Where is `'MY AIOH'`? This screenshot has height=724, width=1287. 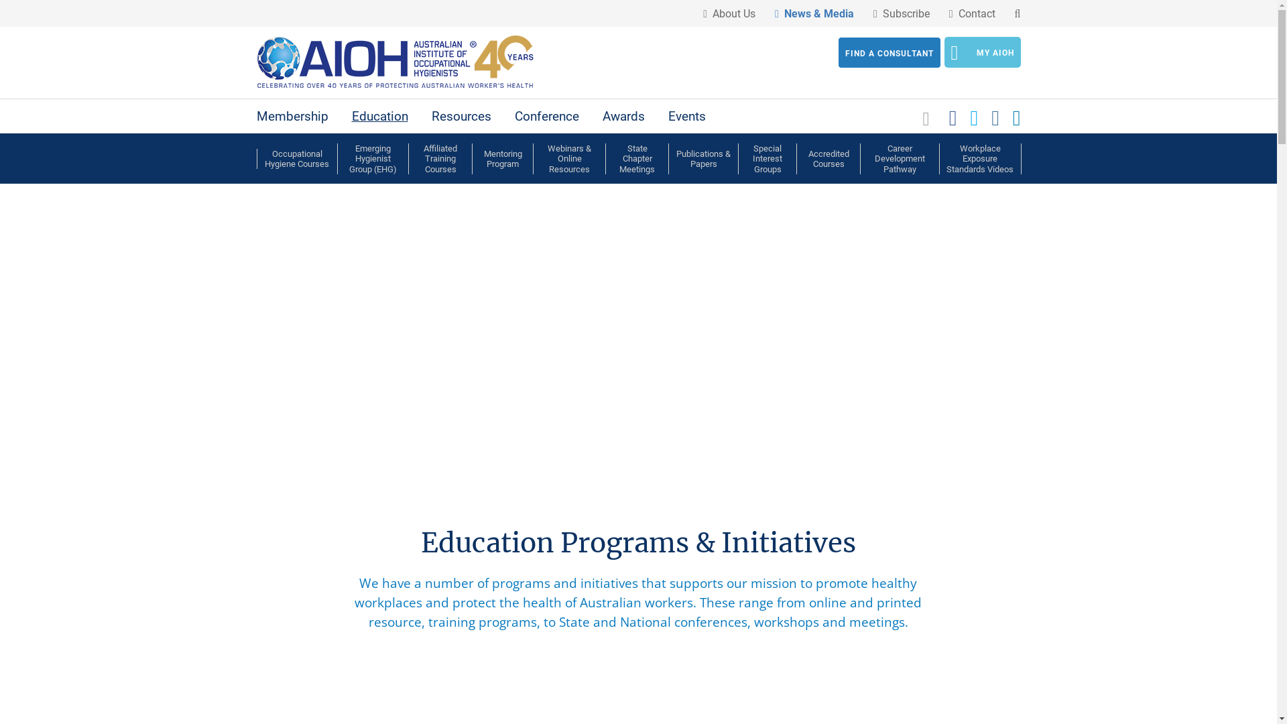 'MY AIOH' is located at coordinates (981, 51).